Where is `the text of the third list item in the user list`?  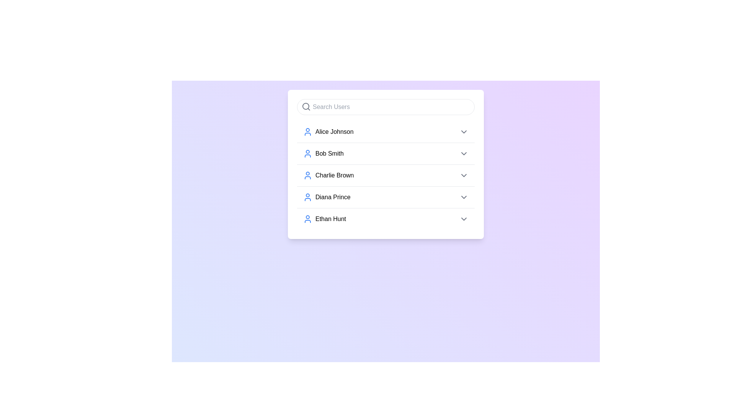
the text of the third list item in the user list is located at coordinates (328, 176).